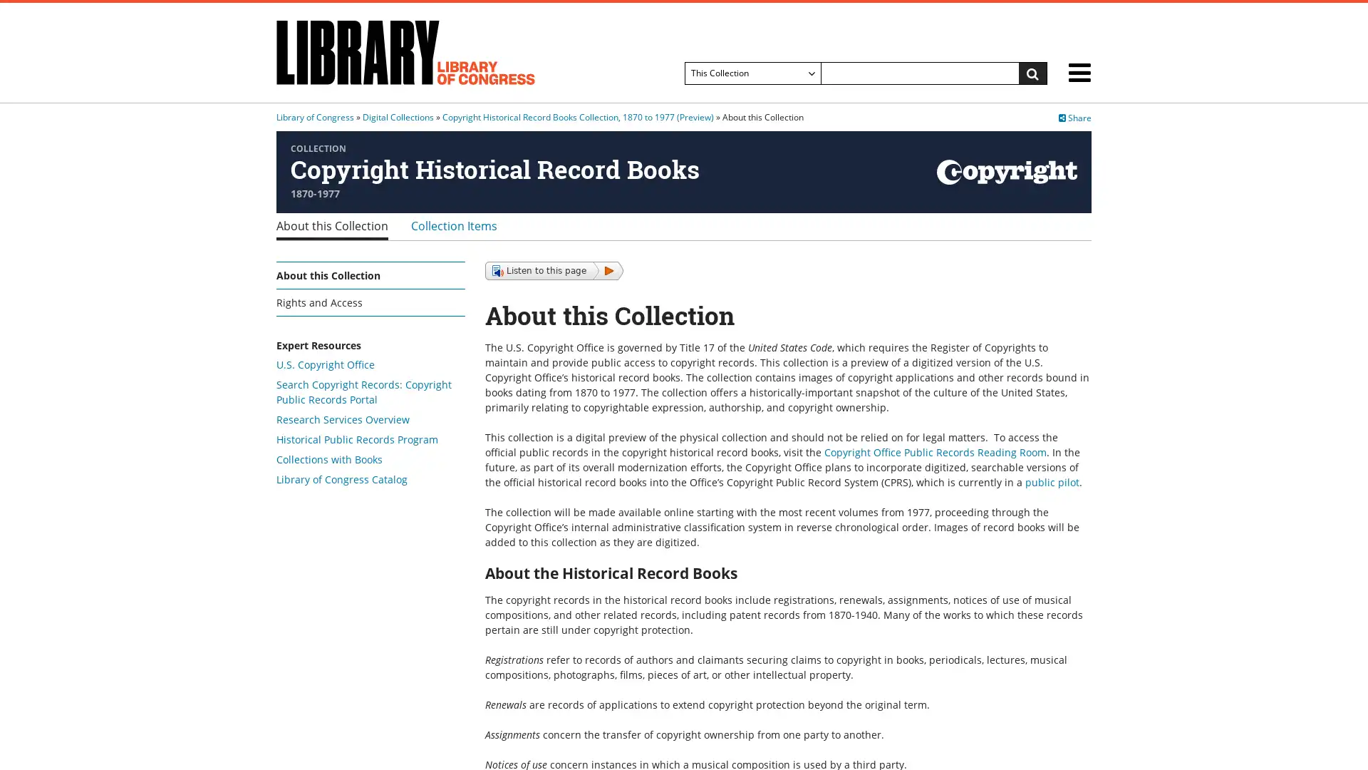  I want to click on Search, so click(1032, 73).